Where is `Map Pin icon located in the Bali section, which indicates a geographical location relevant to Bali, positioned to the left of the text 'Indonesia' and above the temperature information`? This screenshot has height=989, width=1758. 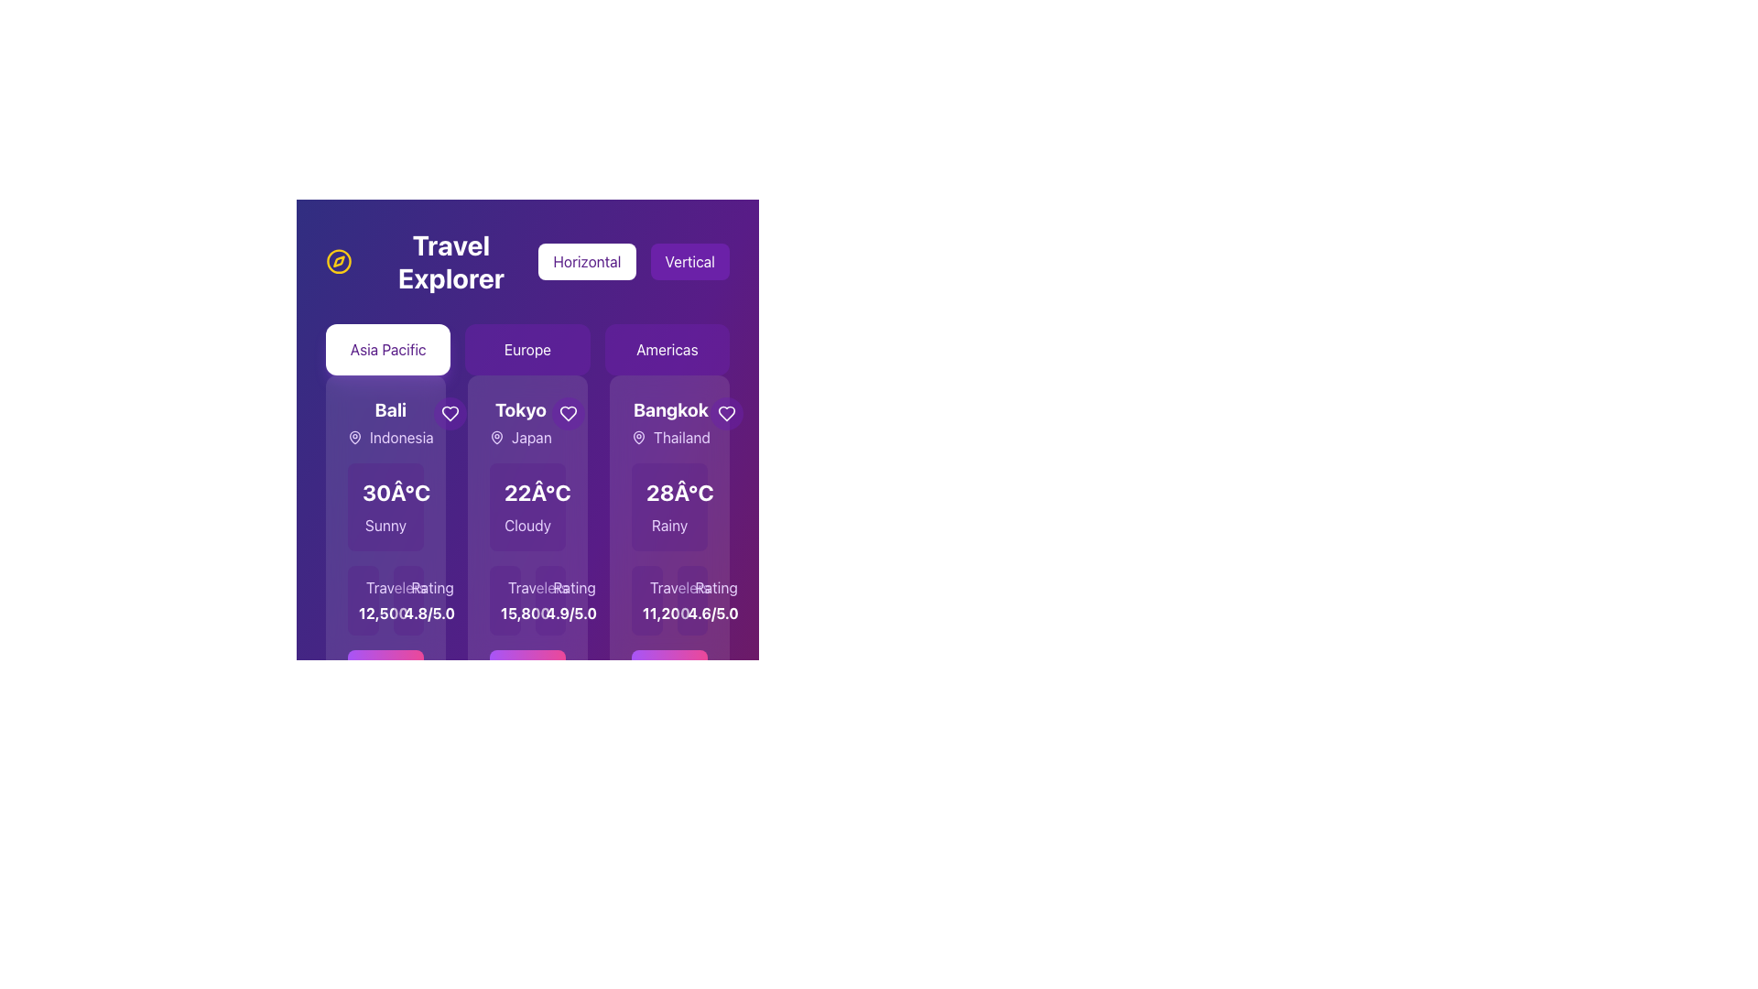
Map Pin icon located in the Bali section, which indicates a geographical location relevant to Bali, positioned to the left of the text 'Indonesia' and above the temperature information is located at coordinates (355, 437).